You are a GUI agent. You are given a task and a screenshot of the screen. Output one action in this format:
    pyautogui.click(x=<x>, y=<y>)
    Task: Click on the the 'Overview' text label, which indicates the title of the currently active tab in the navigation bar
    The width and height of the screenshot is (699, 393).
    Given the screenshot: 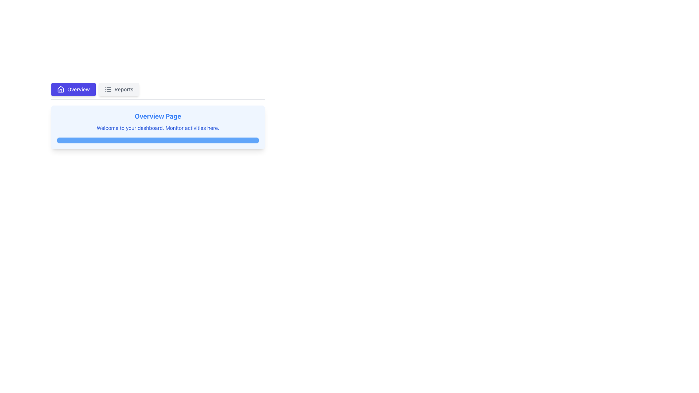 What is the action you would take?
    pyautogui.click(x=78, y=89)
    